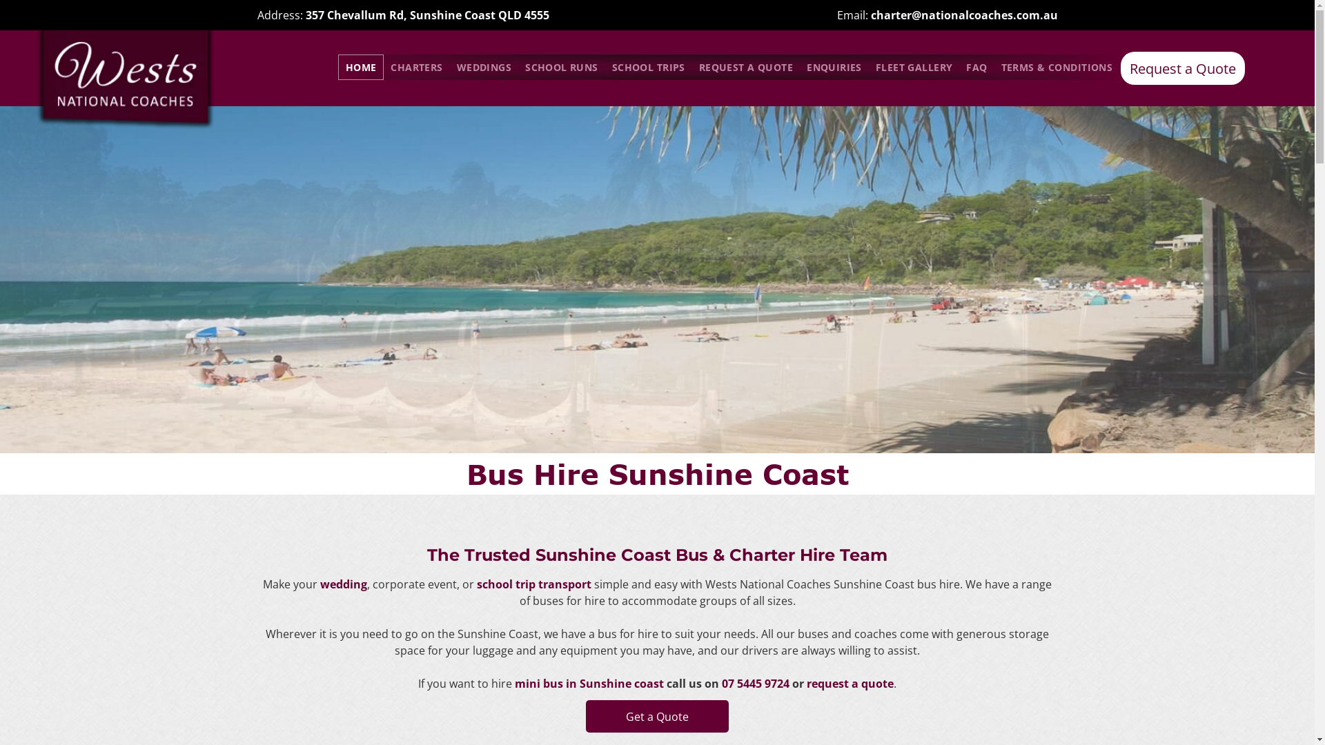 Image resolution: width=1325 pixels, height=745 pixels. What do you see at coordinates (745, 67) in the screenshot?
I see `'REQUEST A QUOTE'` at bounding box center [745, 67].